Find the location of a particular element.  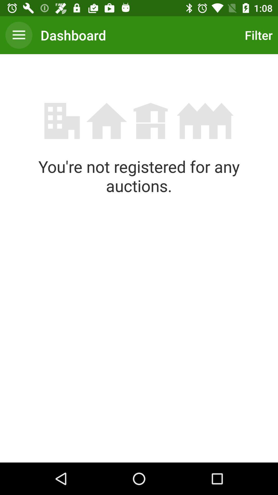

item above the you re not is located at coordinates (19, 35).